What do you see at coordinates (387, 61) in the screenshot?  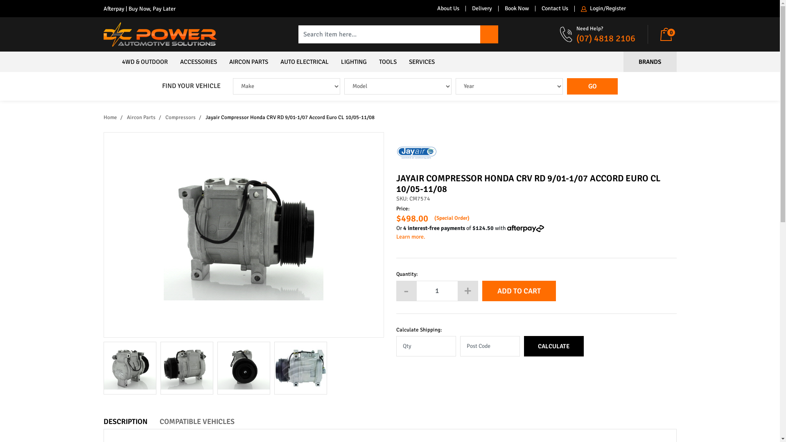 I see `'TOOLS'` at bounding box center [387, 61].